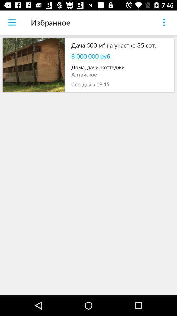 The image size is (177, 316). I want to click on the item below the 8 000 000, so click(119, 67).